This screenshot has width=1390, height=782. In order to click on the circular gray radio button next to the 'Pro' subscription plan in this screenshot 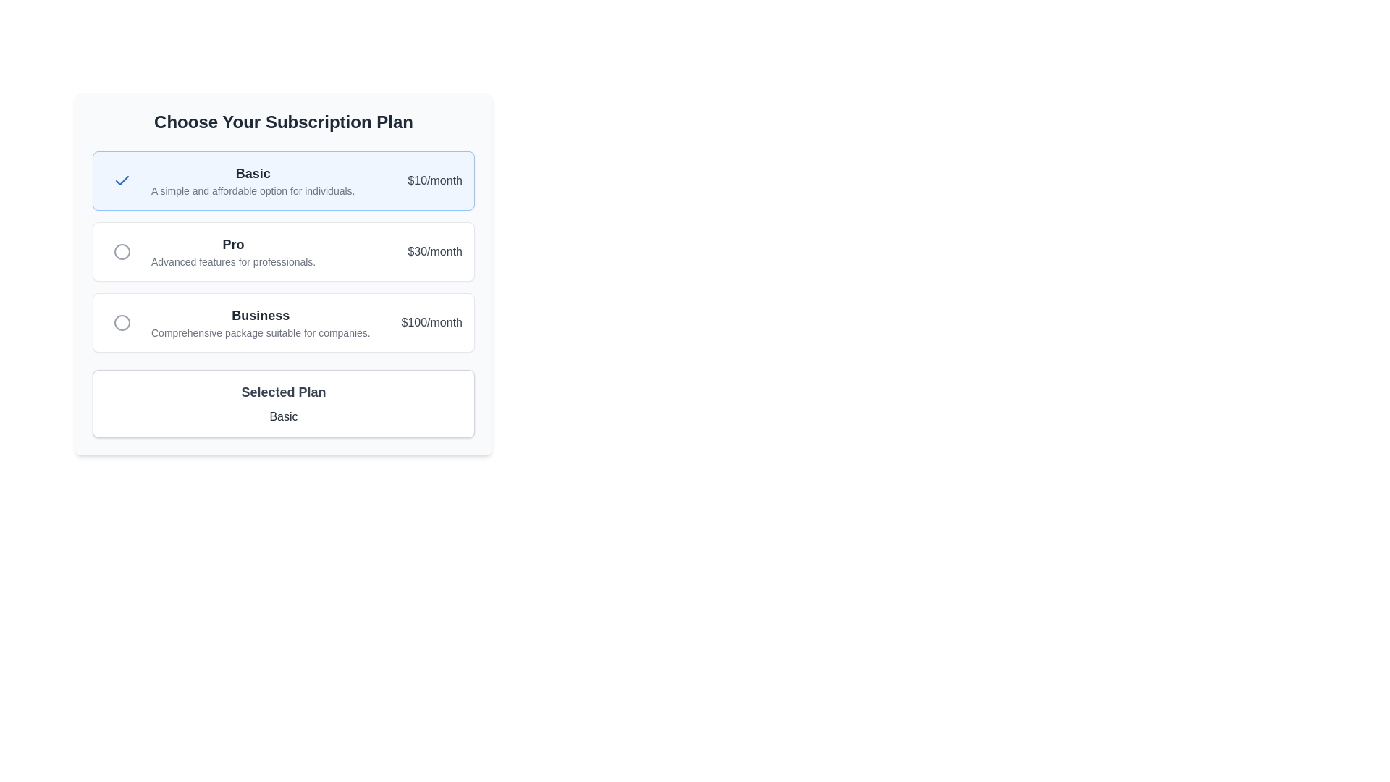, I will do `click(122, 251)`.